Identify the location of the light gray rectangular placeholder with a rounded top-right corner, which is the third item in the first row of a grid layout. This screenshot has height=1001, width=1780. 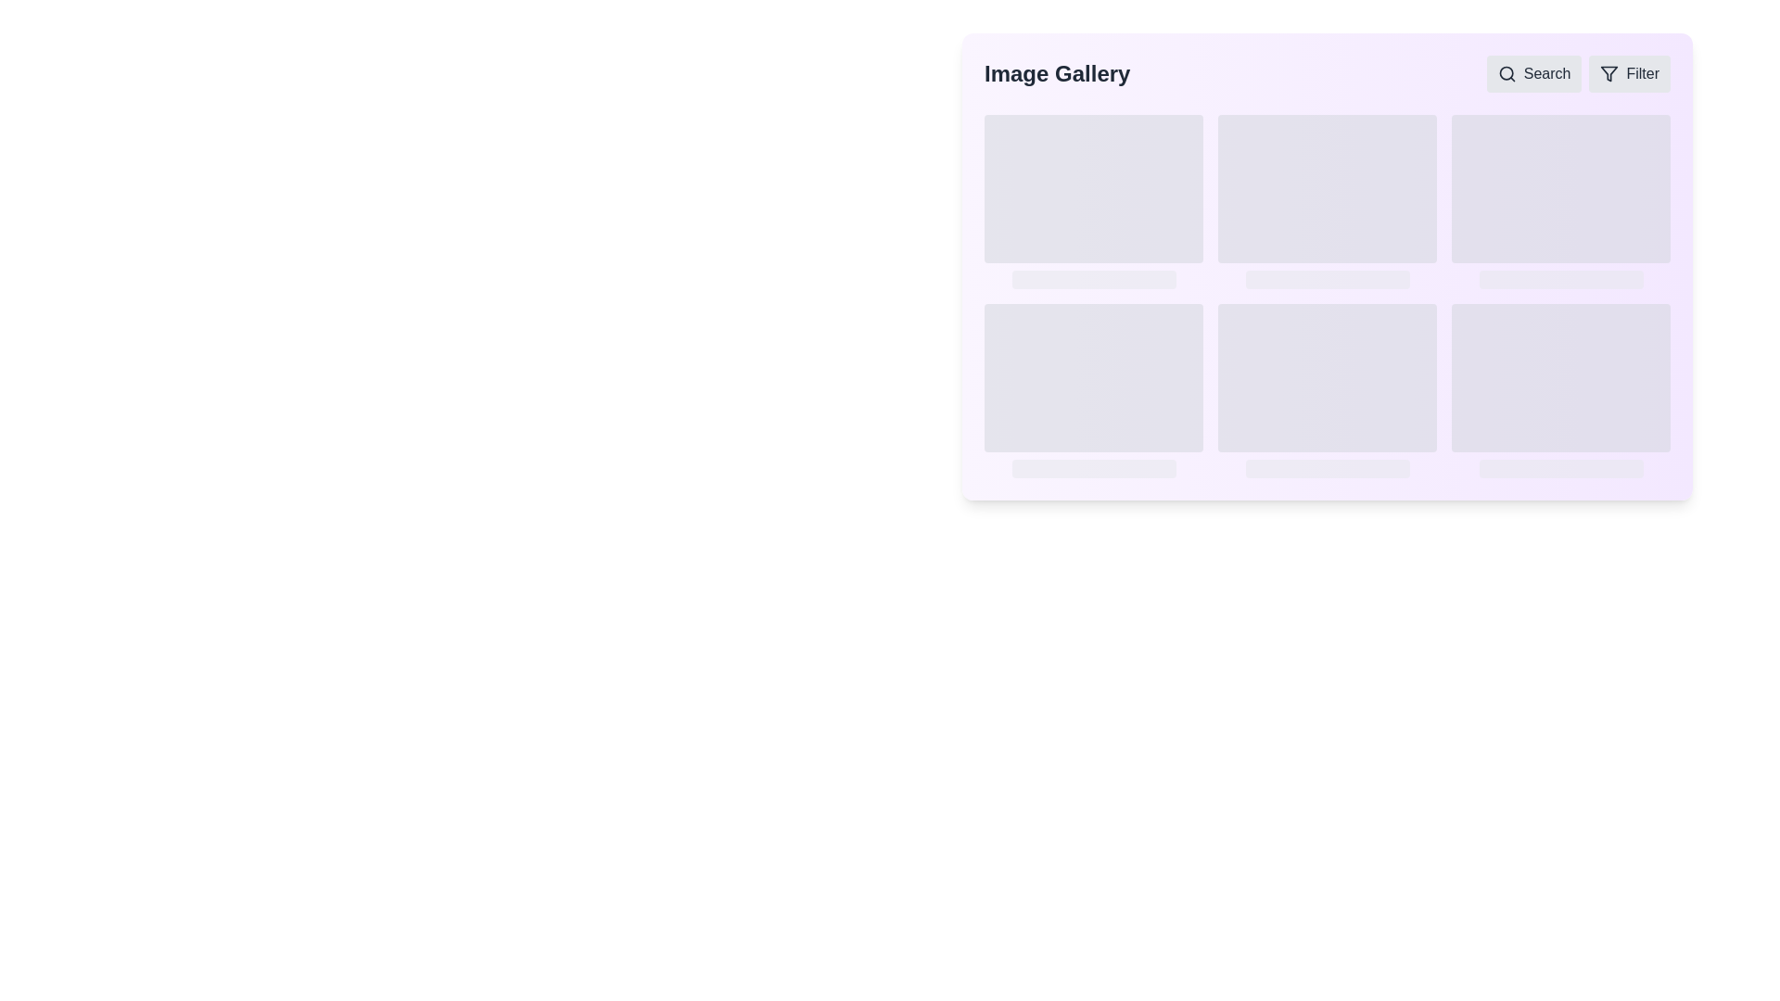
(1560, 202).